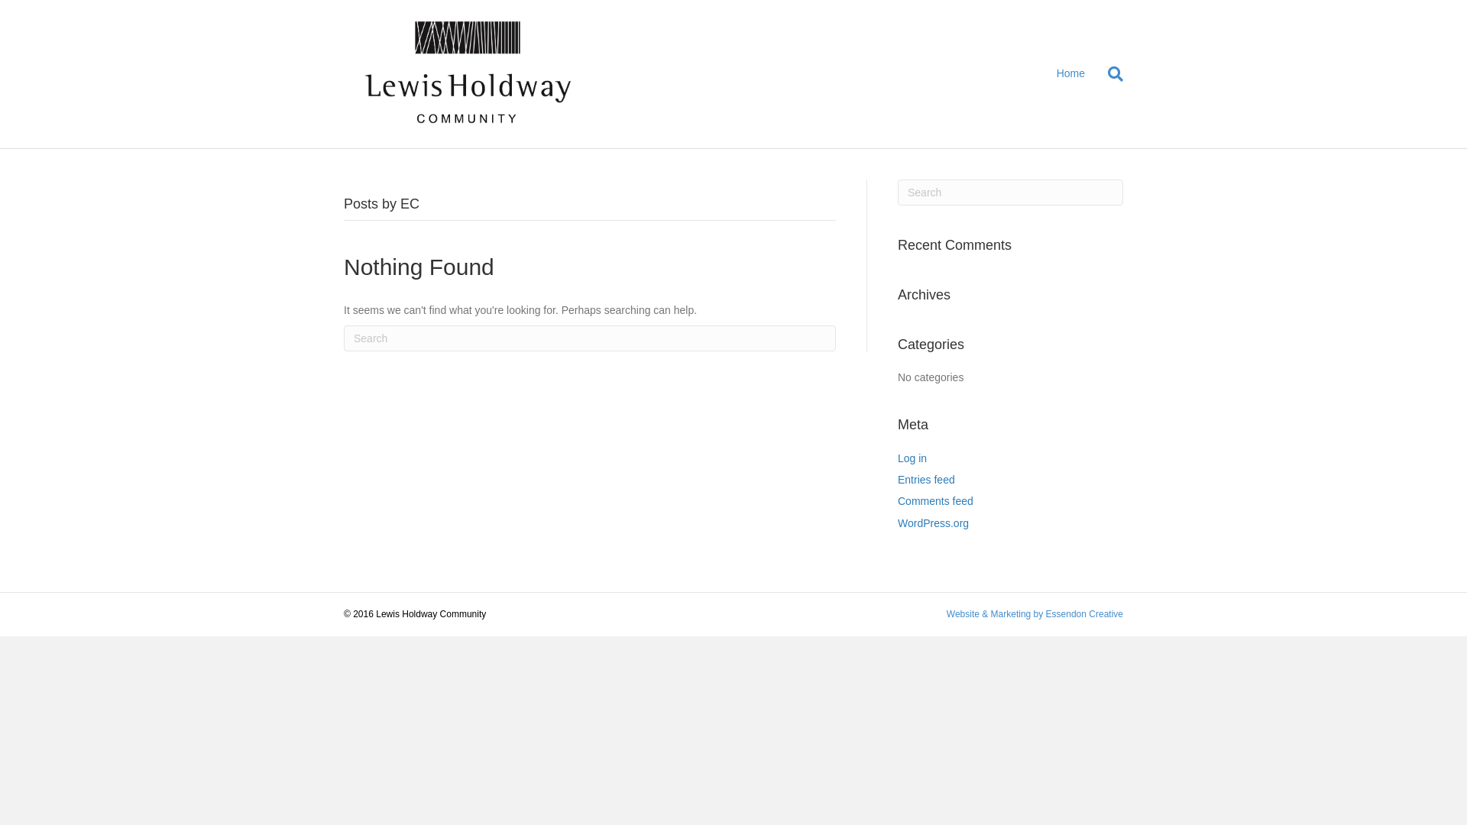 The image size is (1467, 825). I want to click on 'Website & Marketing by Essendon Creative', so click(1035, 613).